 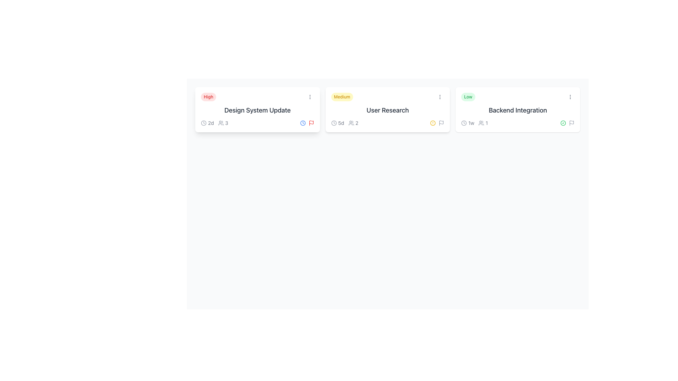 What do you see at coordinates (468, 122) in the screenshot?
I see `the time indicator icon located at the top-right corner of the 'Backend Integration' card` at bounding box center [468, 122].